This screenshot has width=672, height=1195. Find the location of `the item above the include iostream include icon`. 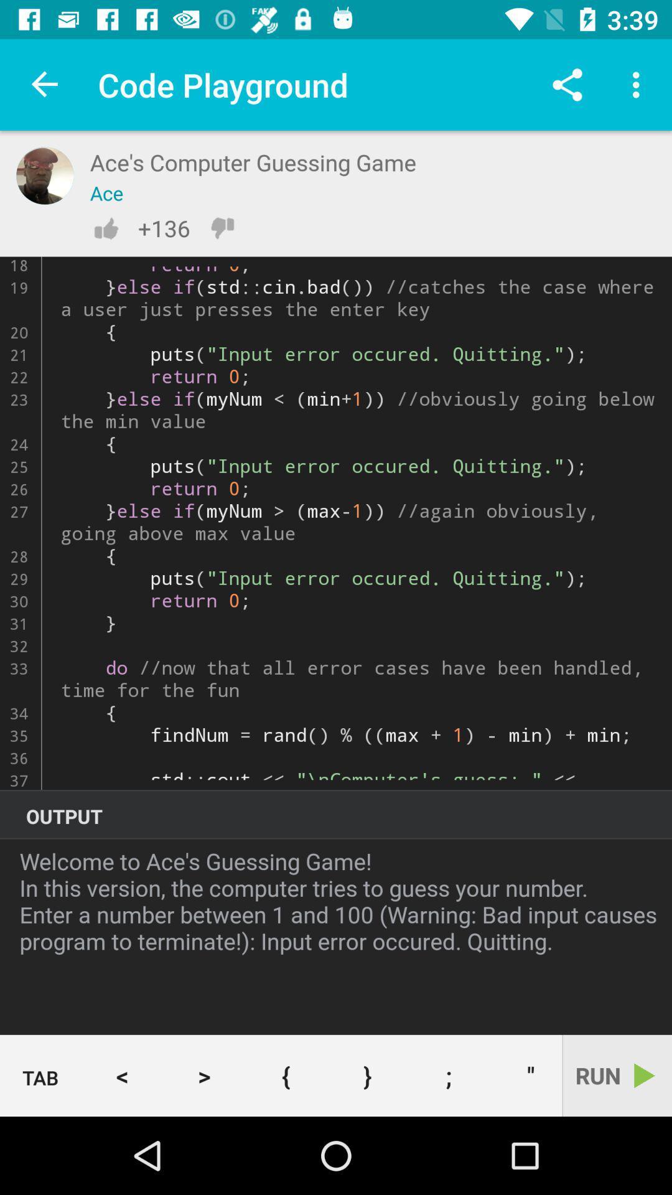

the item above the include iostream include icon is located at coordinates (567, 84).